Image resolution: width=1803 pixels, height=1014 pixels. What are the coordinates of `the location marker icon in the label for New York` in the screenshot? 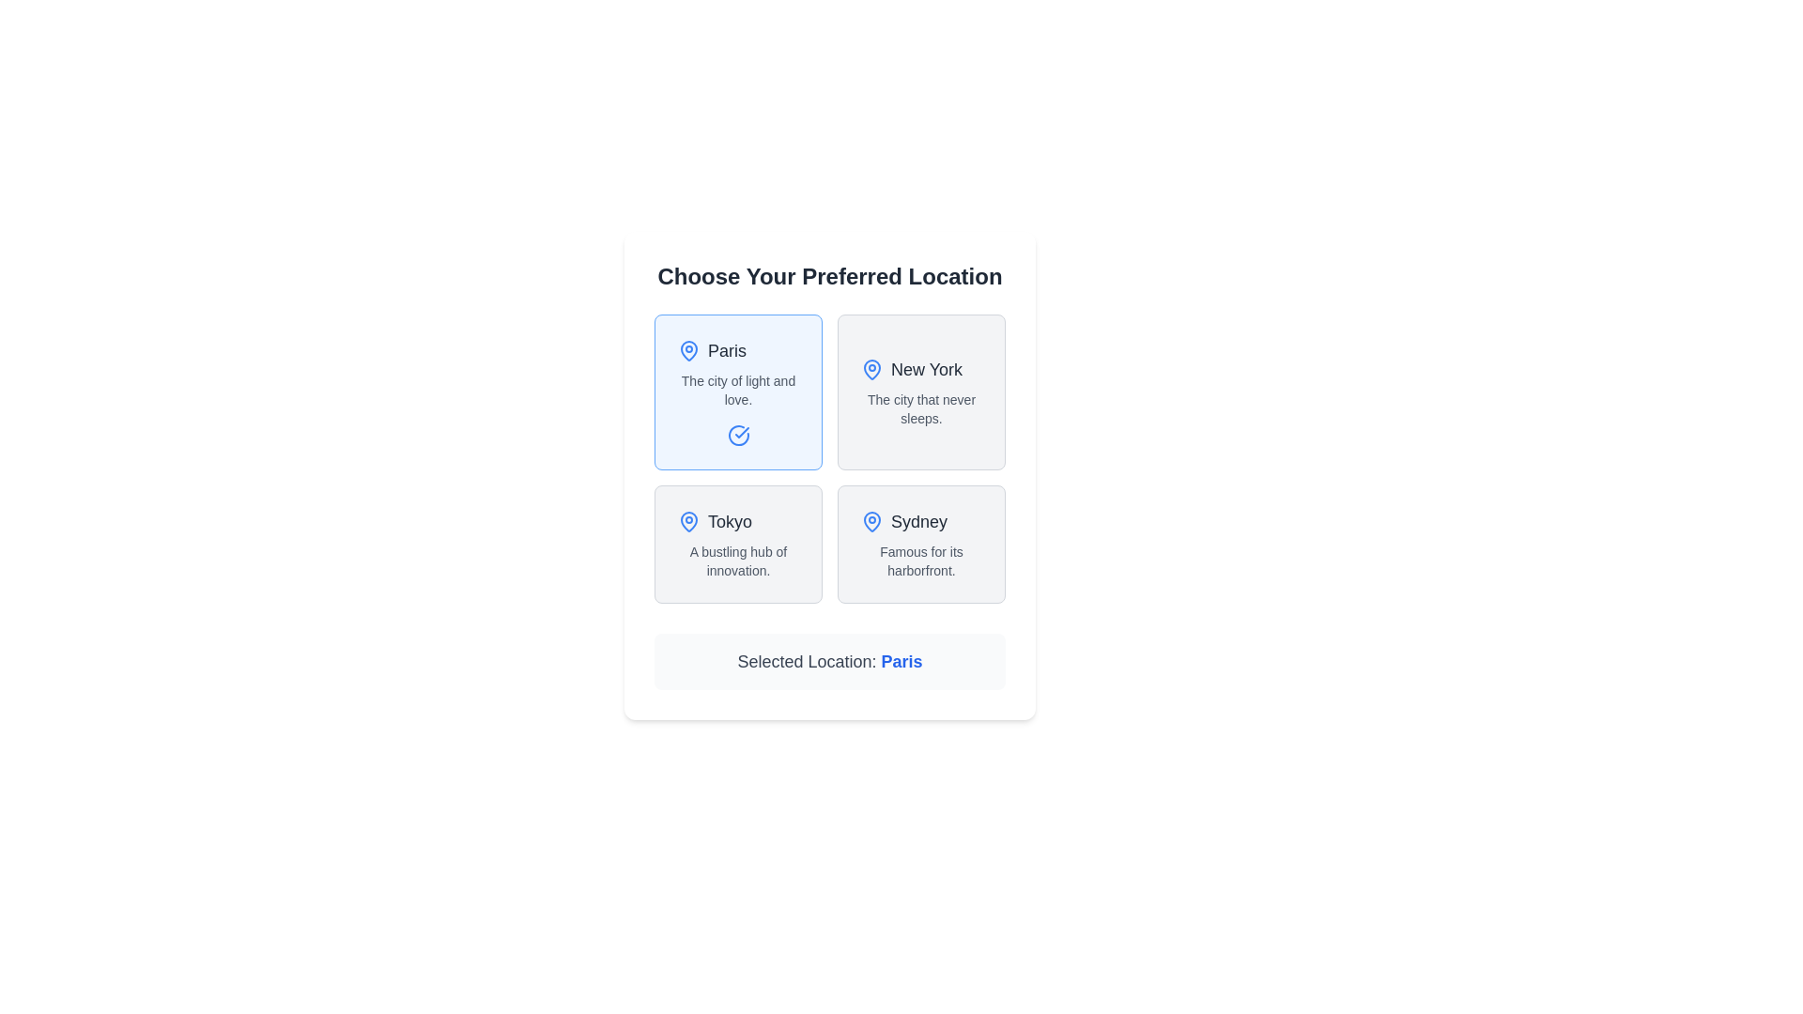 It's located at (921, 369).